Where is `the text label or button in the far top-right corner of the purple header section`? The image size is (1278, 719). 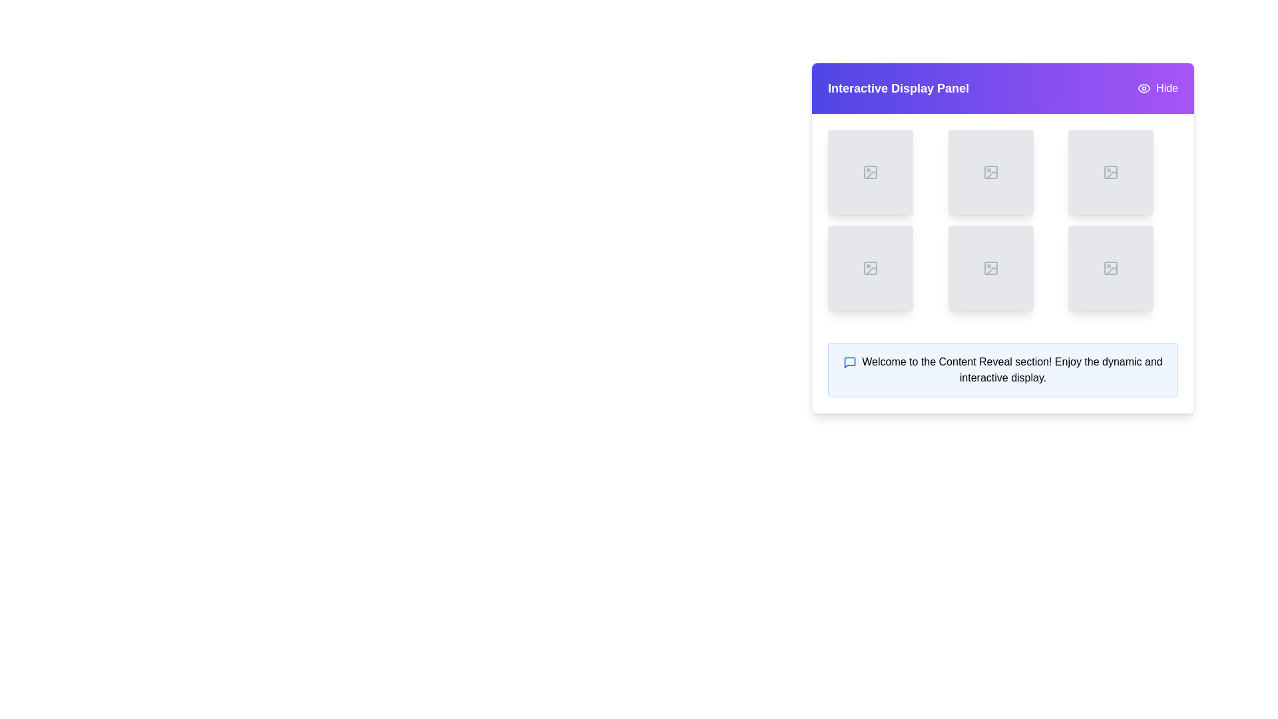
the text label or button in the far top-right corner of the purple header section is located at coordinates (1166, 88).